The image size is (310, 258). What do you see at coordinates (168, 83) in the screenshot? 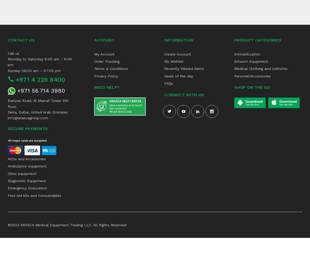
I see `'FAQs'` at bounding box center [168, 83].